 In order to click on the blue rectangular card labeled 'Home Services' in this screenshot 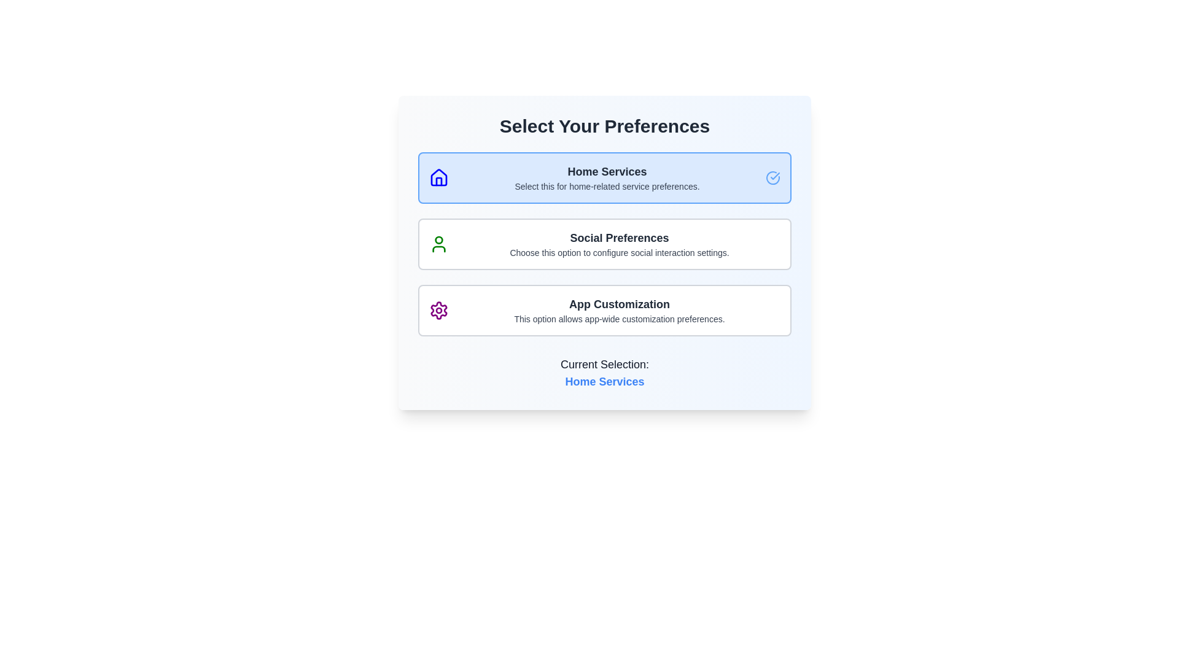, I will do `click(604, 177)`.